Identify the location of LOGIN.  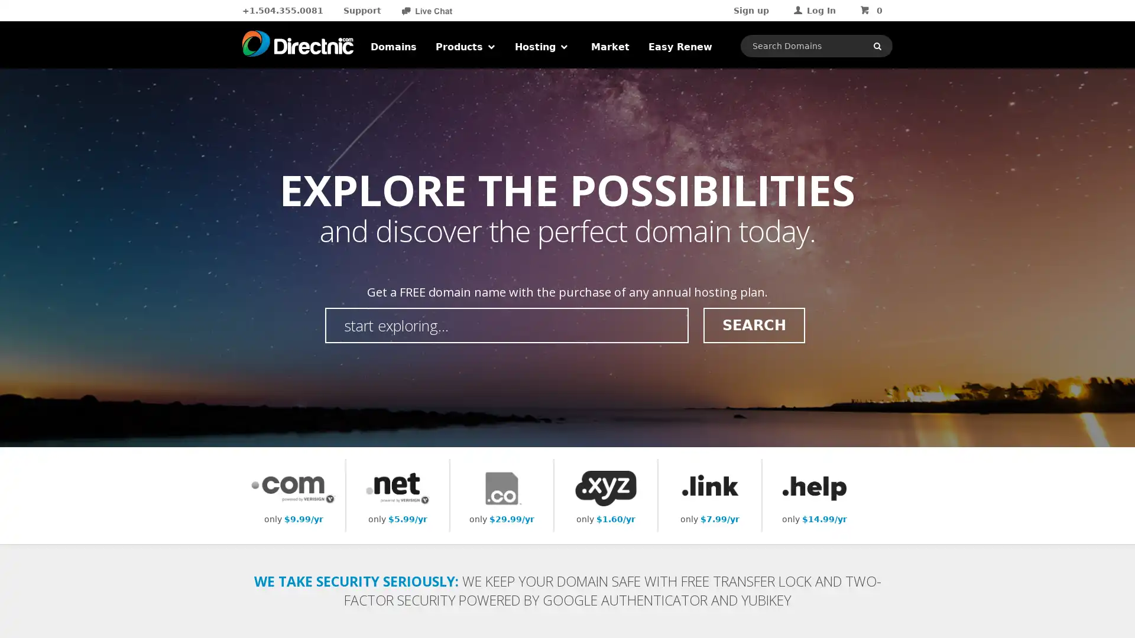
(841, 121).